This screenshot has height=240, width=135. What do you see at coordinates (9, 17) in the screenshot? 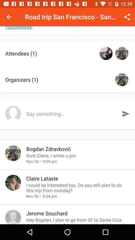
I see `previous` at bounding box center [9, 17].